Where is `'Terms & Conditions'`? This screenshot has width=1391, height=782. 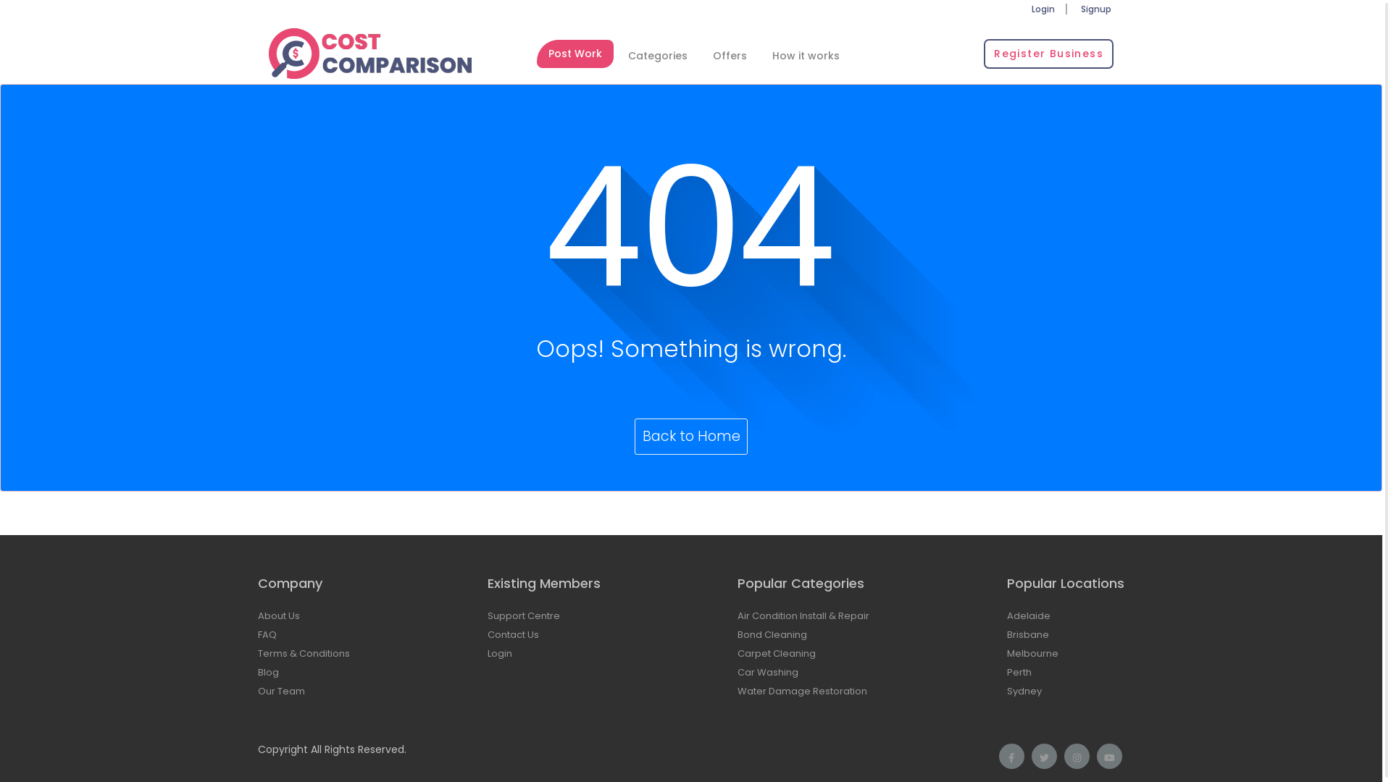 'Terms & Conditions' is located at coordinates (257, 653).